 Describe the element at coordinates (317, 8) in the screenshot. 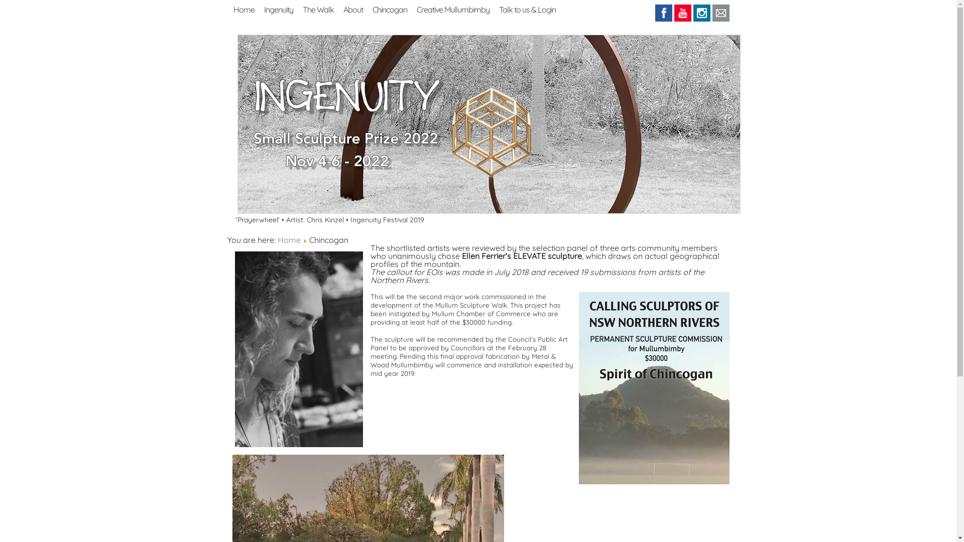

I see `'The Walk'` at that location.